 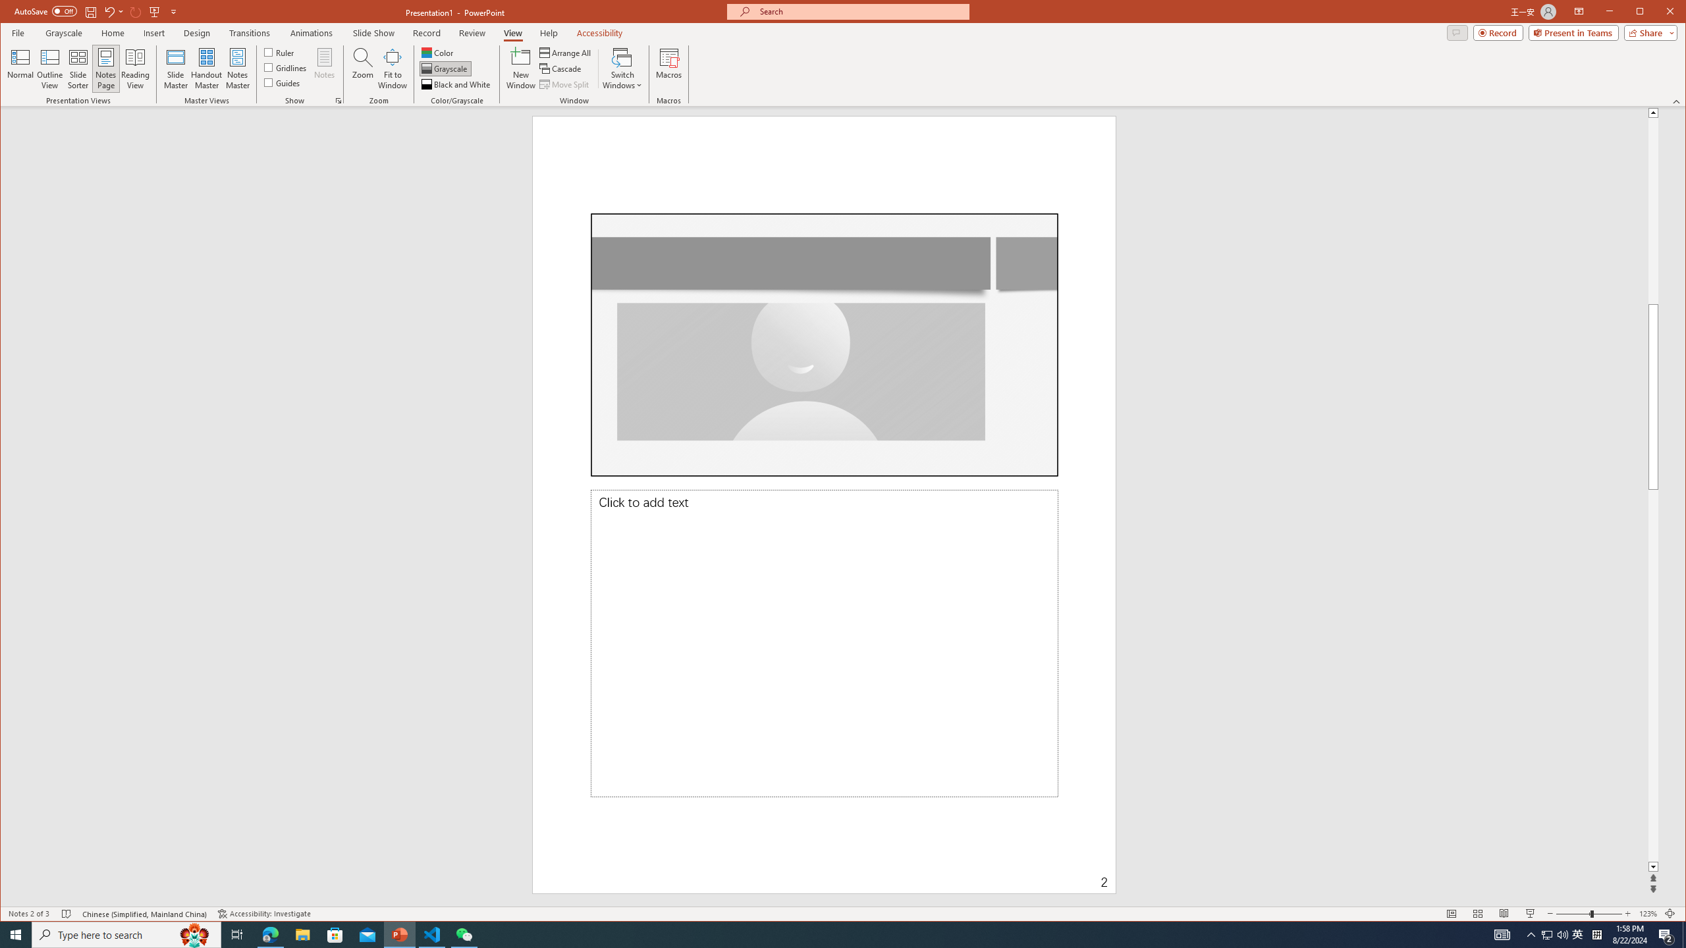 What do you see at coordinates (338, 101) in the screenshot?
I see `'Grid Settings...'` at bounding box center [338, 101].